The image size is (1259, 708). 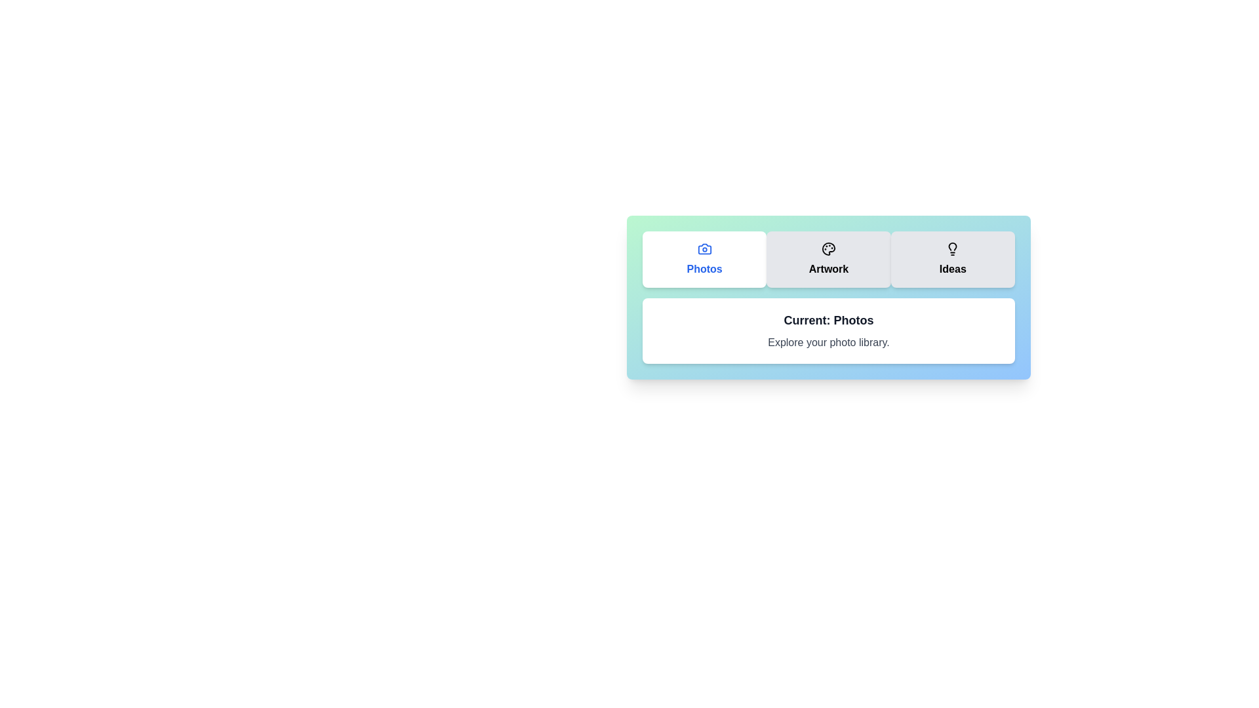 I want to click on the Artwork tab by clicking the corresponding button, so click(x=828, y=260).